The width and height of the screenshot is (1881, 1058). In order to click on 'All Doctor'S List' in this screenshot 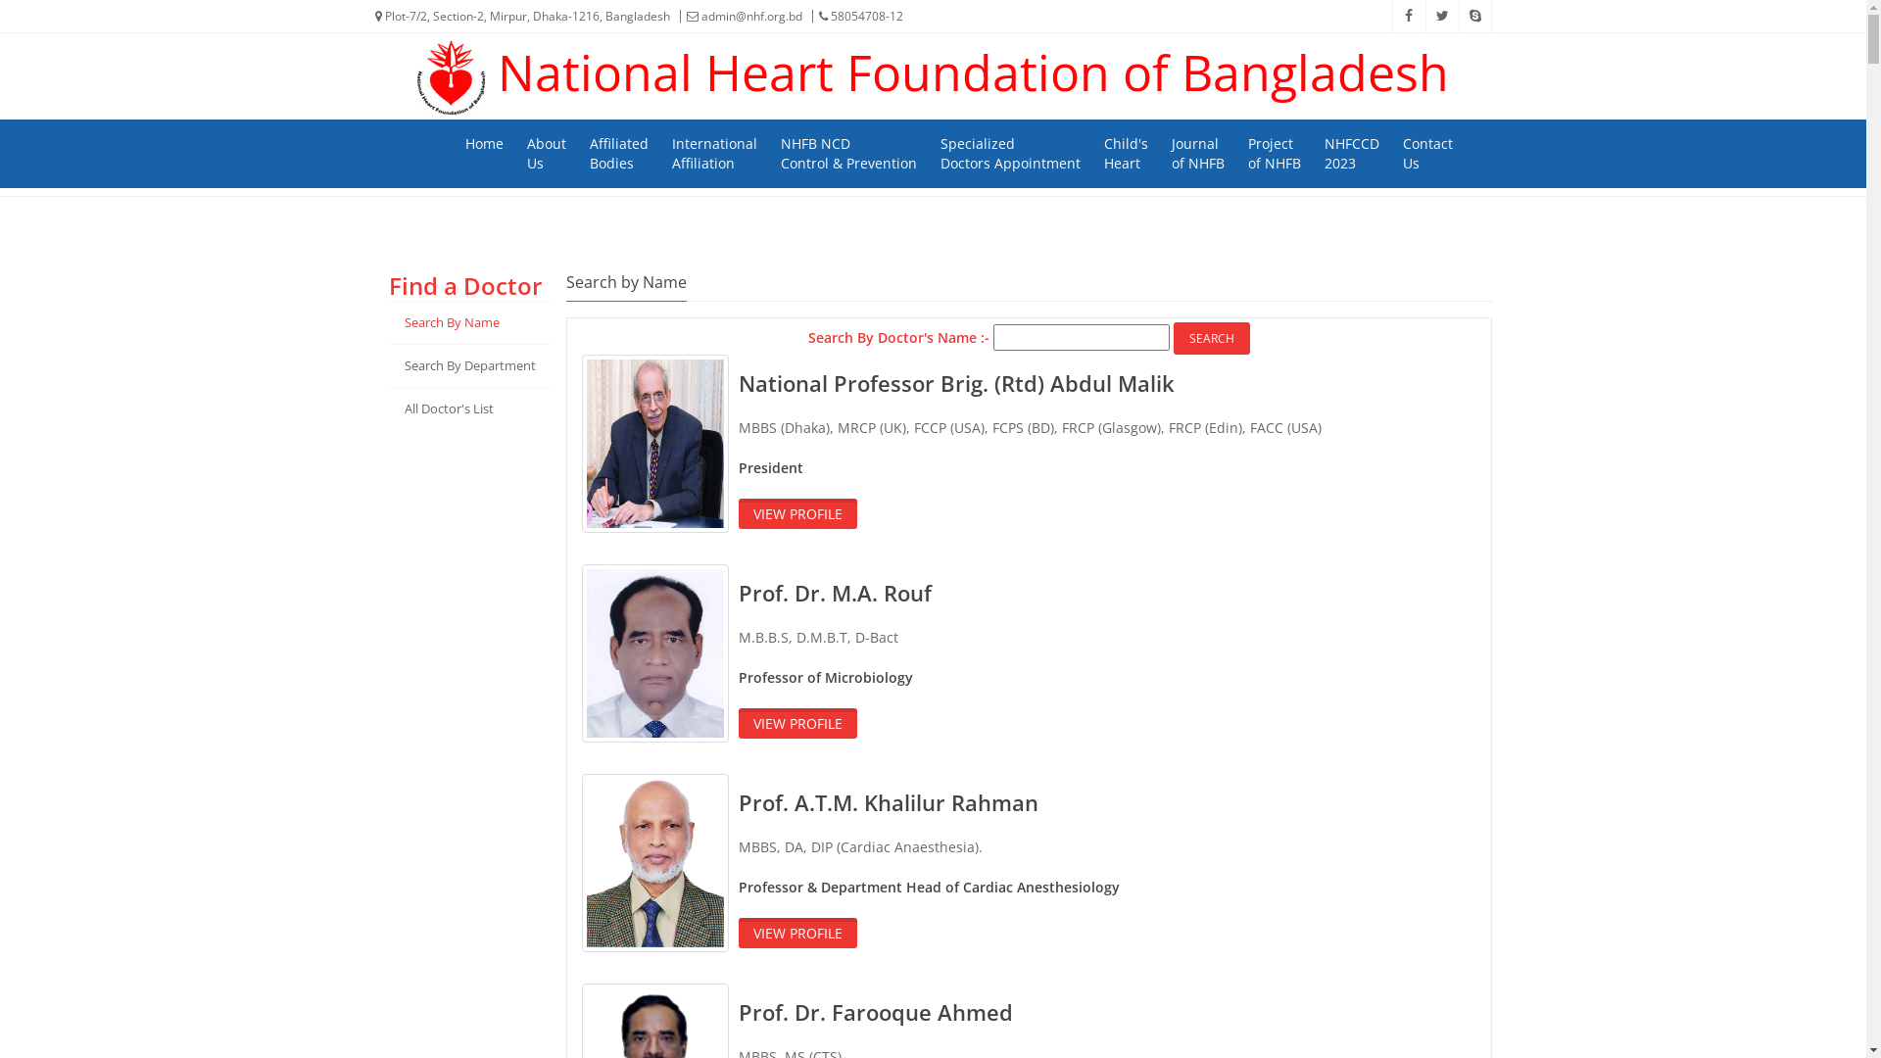, I will do `click(468, 408)`.